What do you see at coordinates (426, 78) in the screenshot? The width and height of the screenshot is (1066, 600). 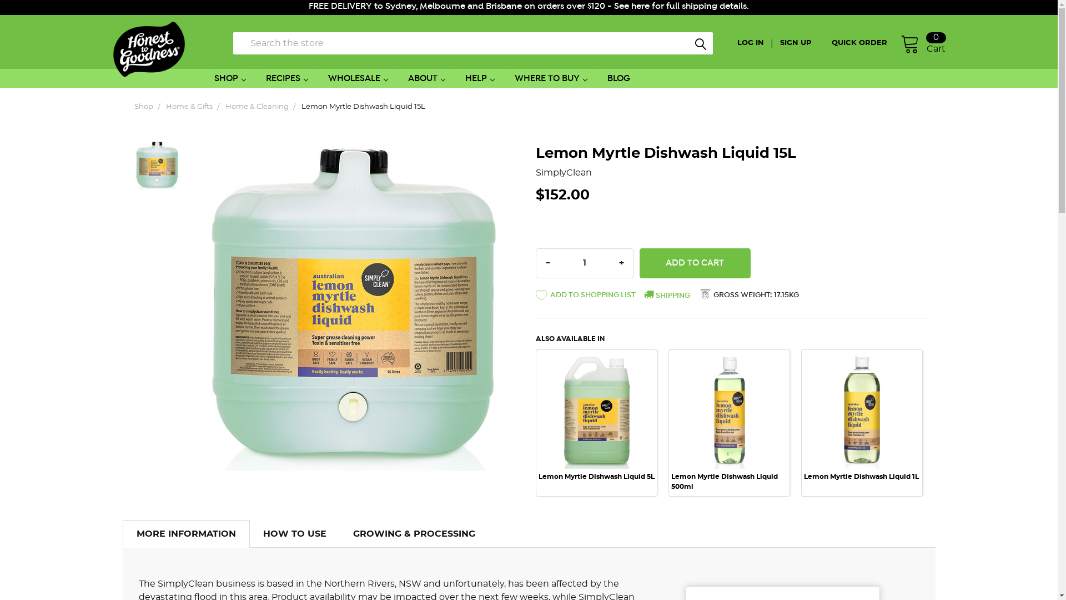 I see `'ABOUT'` at bounding box center [426, 78].